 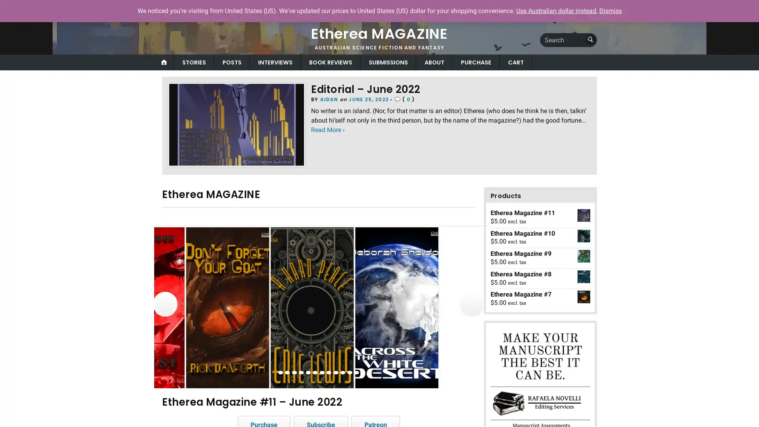 What do you see at coordinates (314, 372) in the screenshot?
I see `view image 6 of 12 in carousel` at bounding box center [314, 372].